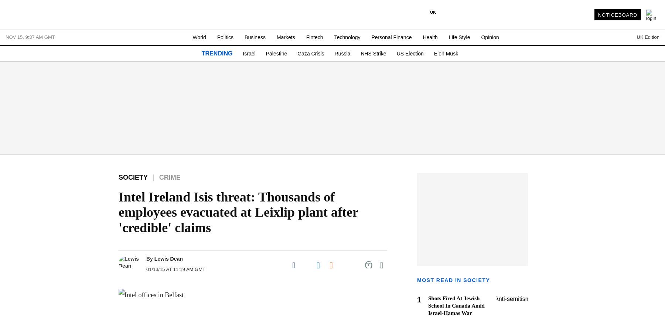 This screenshot has height=322, width=665. I want to click on '01/13/15 AT 11:19 AM GMT', so click(175, 269).